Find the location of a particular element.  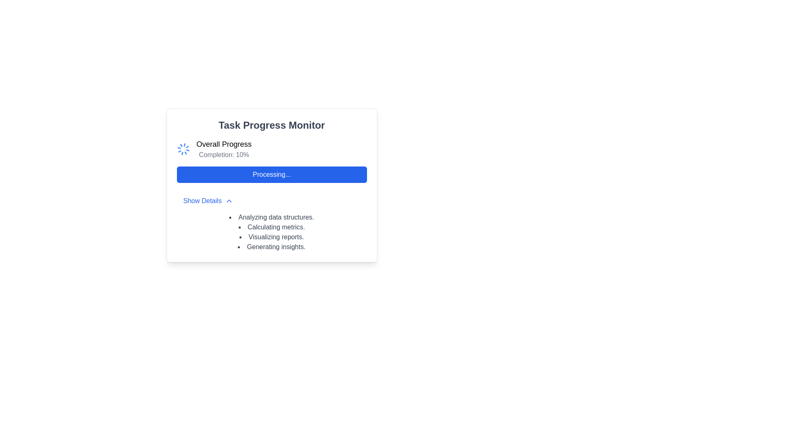

the informational label displaying 'Overall Progress' and 'Completion: 0%' which indicates progress status is located at coordinates (224, 149).